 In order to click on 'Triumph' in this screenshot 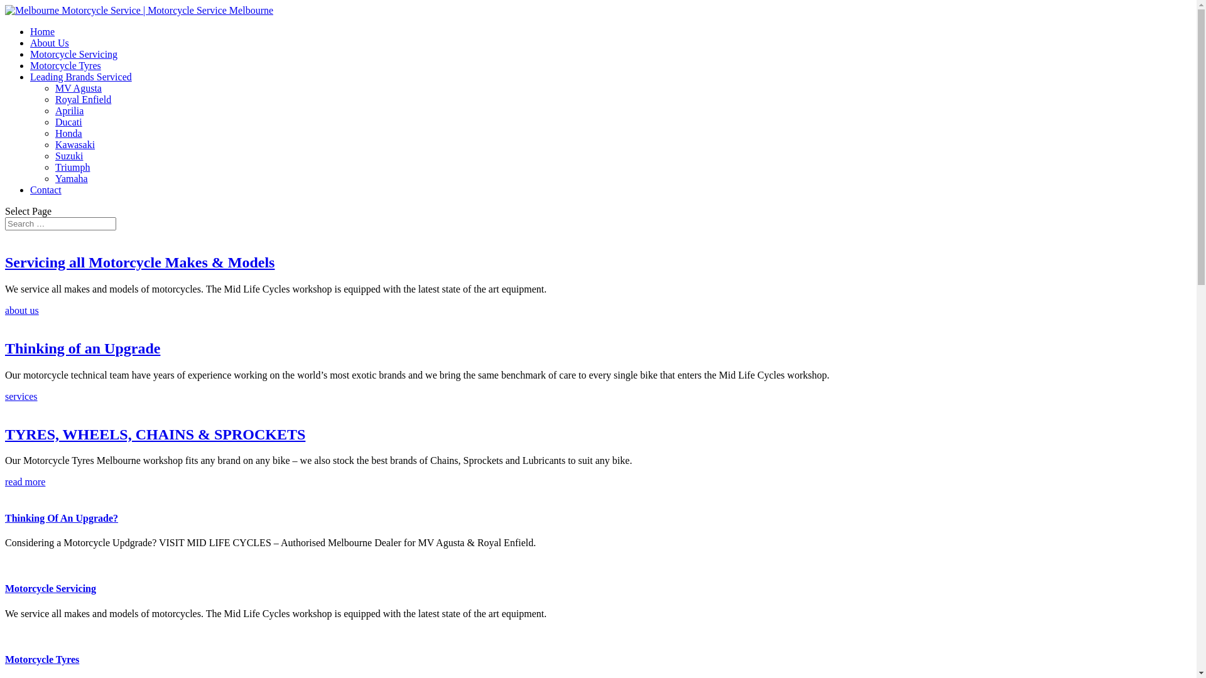, I will do `click(54, 166)`.